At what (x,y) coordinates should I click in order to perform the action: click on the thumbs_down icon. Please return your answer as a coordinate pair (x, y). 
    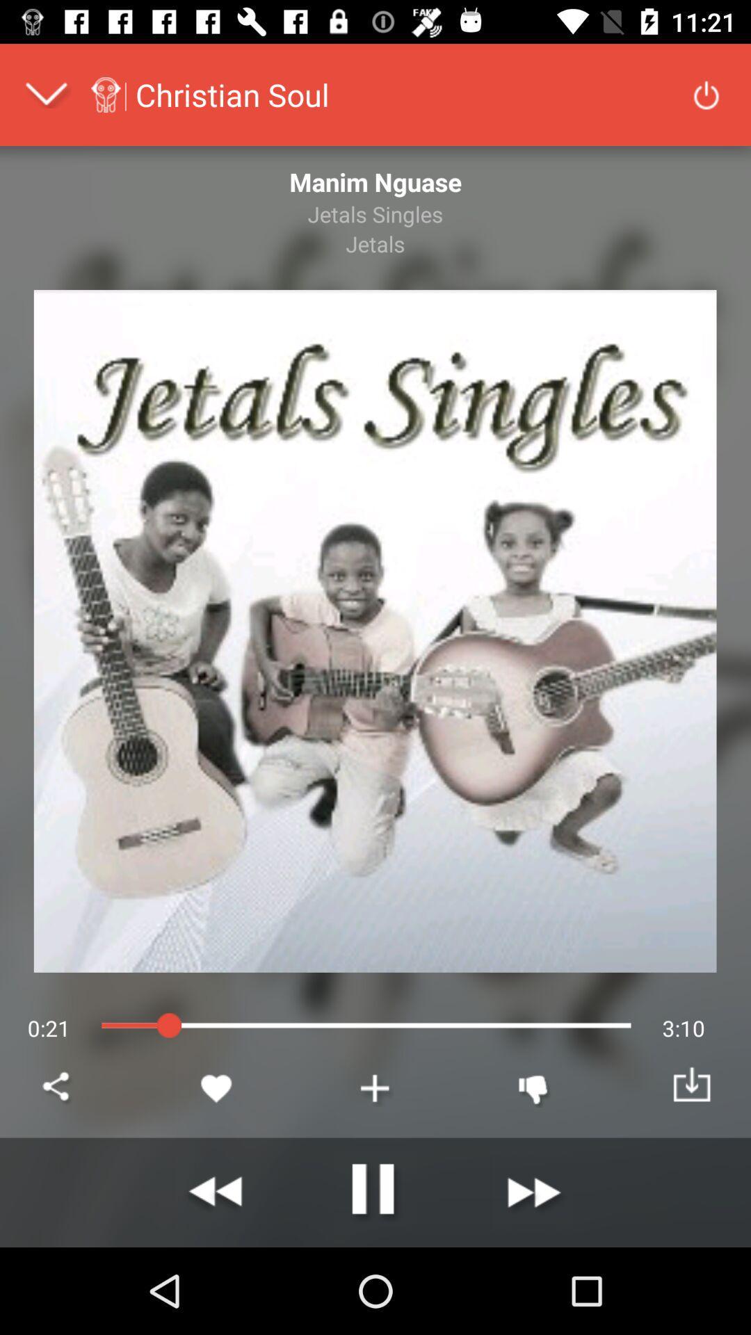
    Looking at the image, I should click on (533, 1087).